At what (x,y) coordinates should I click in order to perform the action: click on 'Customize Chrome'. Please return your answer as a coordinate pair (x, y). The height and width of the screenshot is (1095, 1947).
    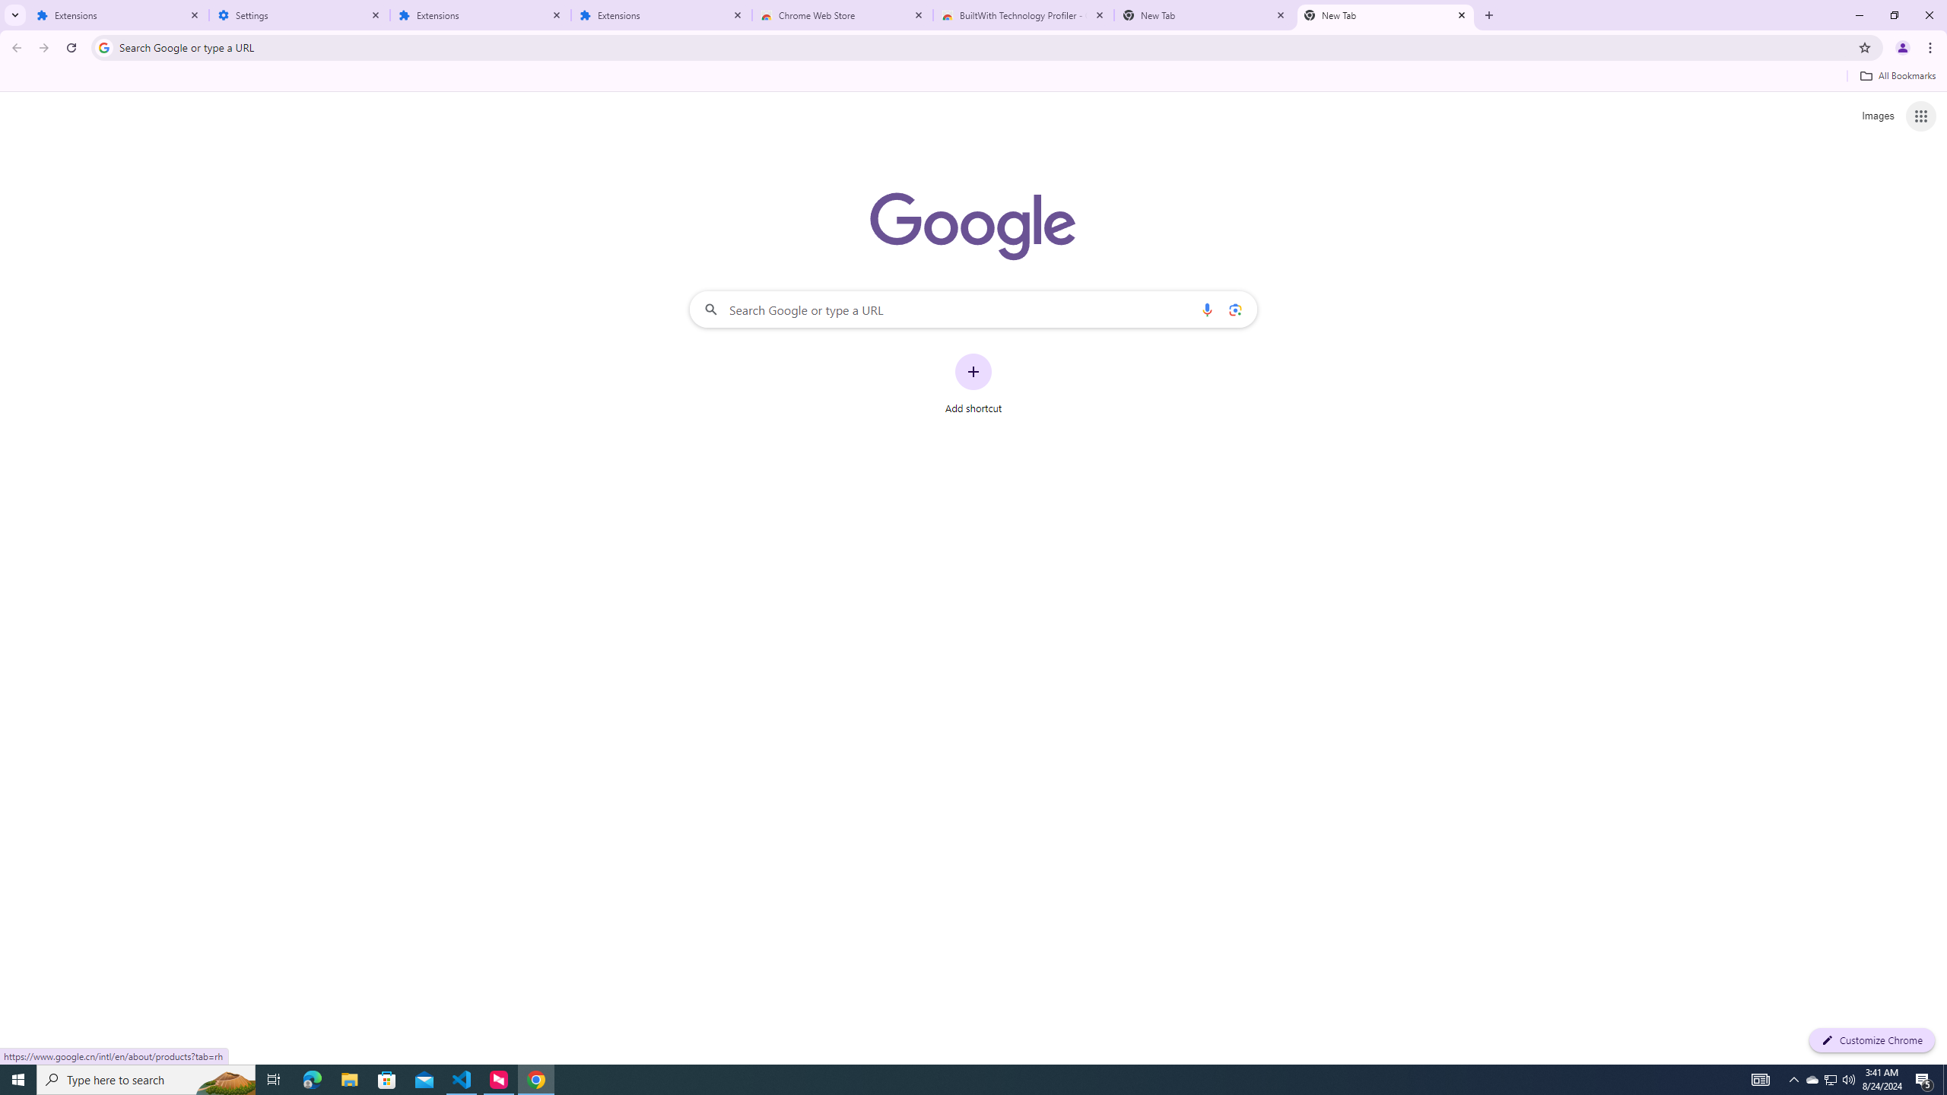
    Looking at the image, I should click on (1872, 1039).